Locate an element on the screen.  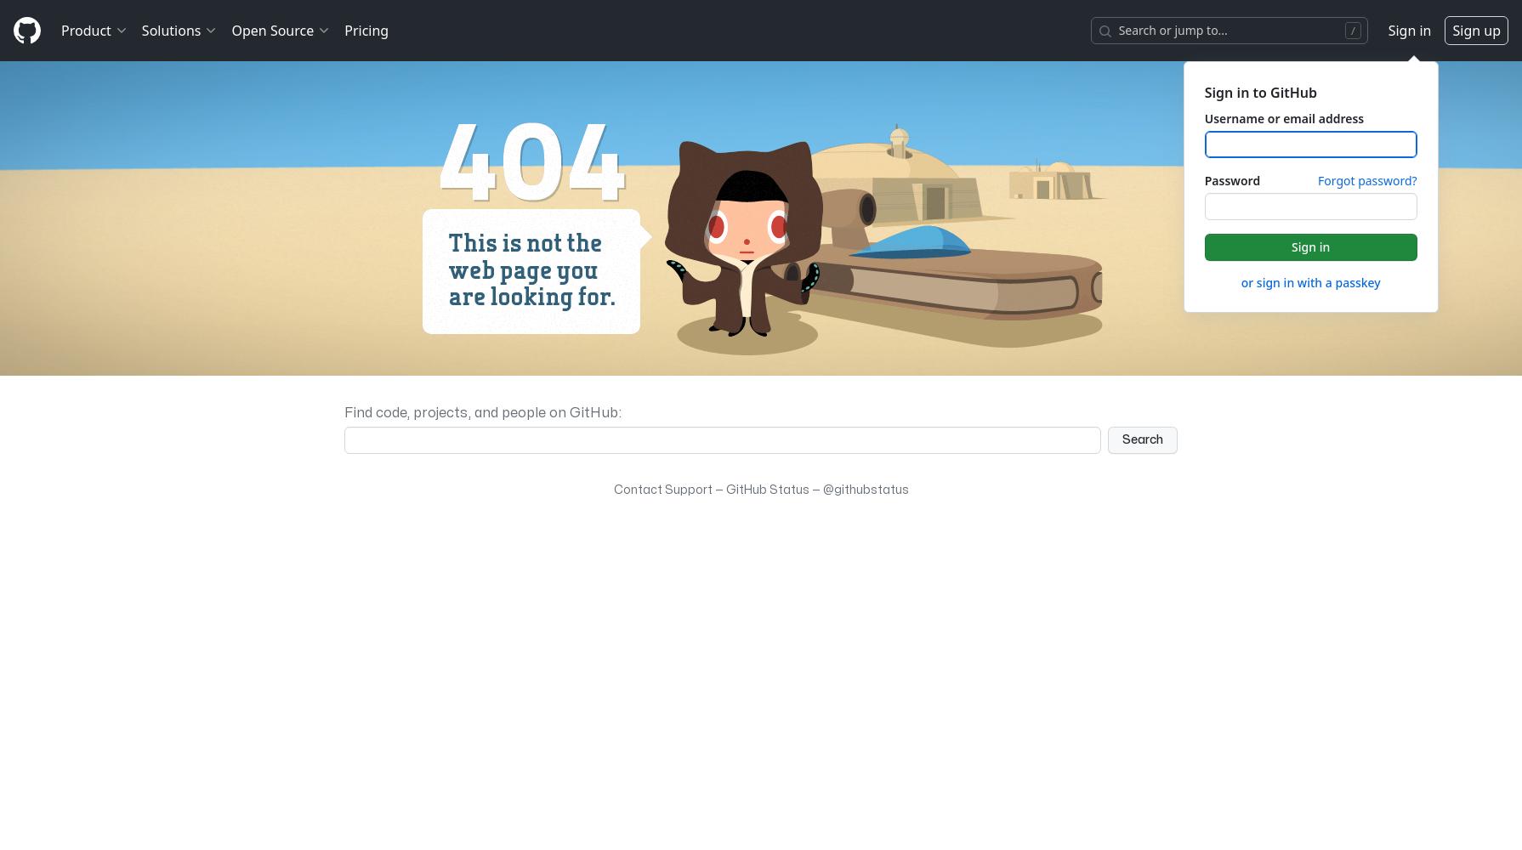
'Actions' is located at coordinates (120, 72).